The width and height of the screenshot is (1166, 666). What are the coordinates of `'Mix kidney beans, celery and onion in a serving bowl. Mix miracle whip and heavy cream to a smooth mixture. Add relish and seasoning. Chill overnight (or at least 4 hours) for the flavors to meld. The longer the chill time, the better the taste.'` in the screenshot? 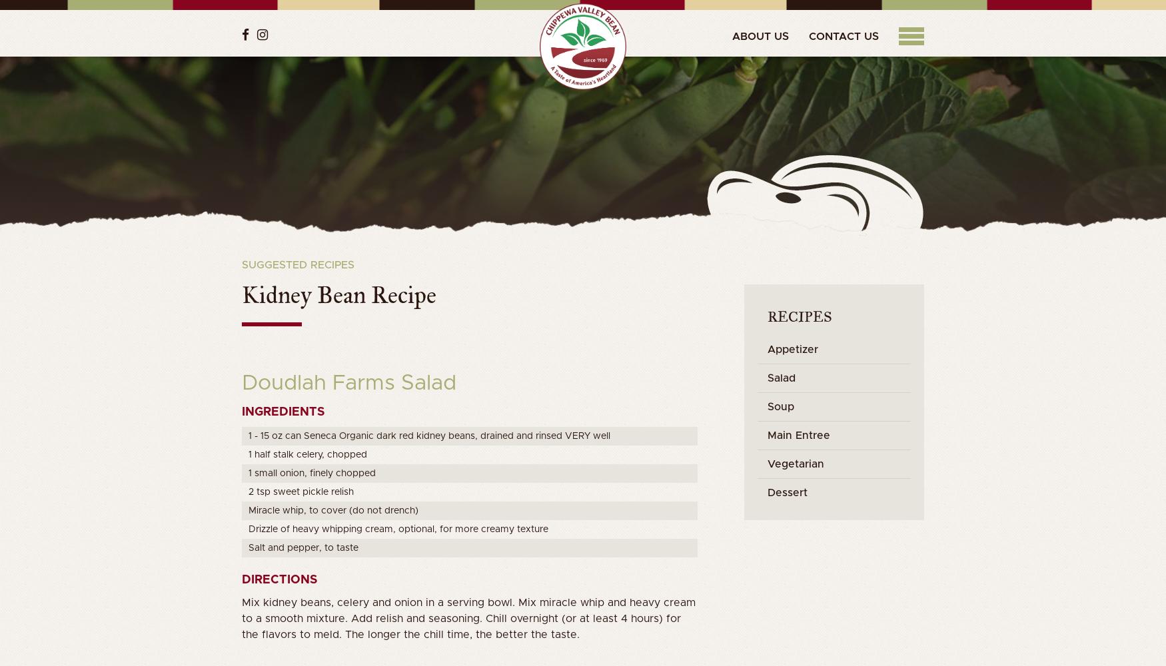 It's located at (468, 619).